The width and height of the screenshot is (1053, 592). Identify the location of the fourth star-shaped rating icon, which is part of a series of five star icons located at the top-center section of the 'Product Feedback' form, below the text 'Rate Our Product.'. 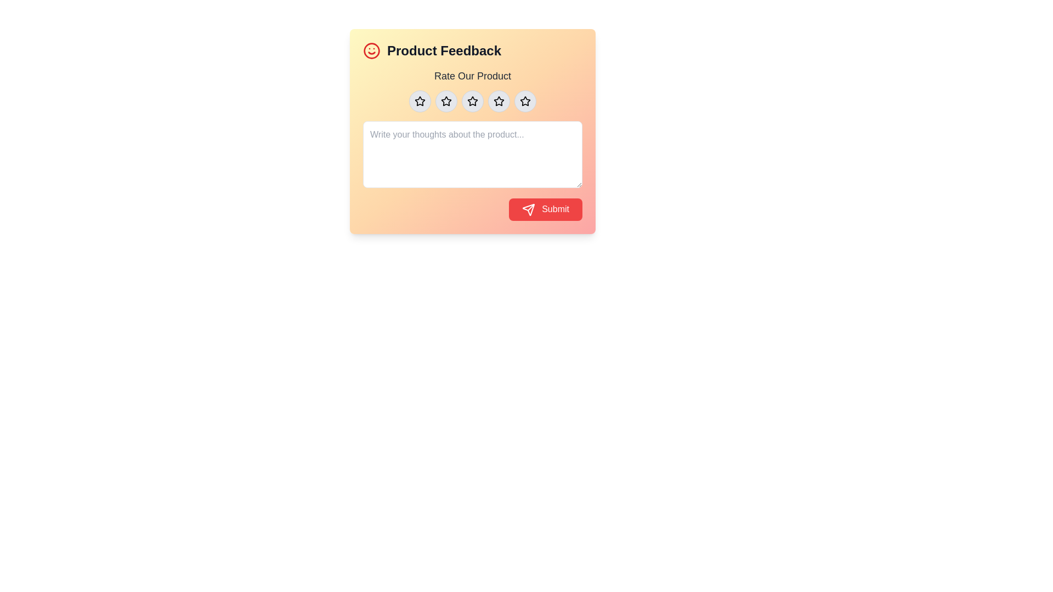
(497, 101).